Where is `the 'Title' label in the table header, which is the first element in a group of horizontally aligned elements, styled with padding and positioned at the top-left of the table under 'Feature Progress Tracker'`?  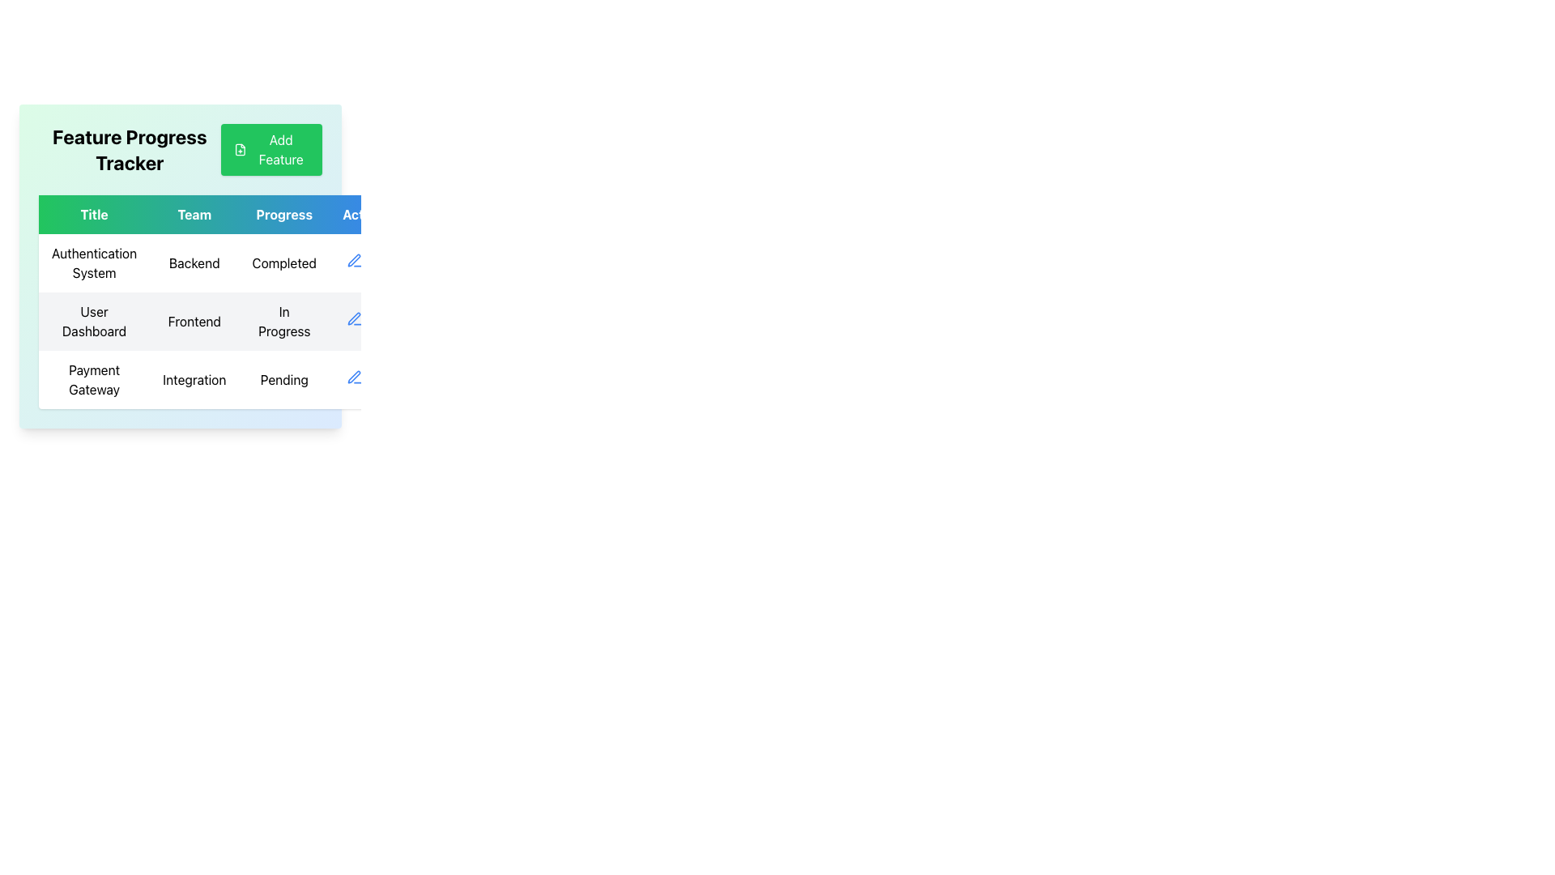
the 'Title' label in the table header, which is the first element in a group of horizontally aligned elements, styled with padding and positioned at the top-left of the table under 'Feature Progress Tracker' is located at coordinates (93, 214).